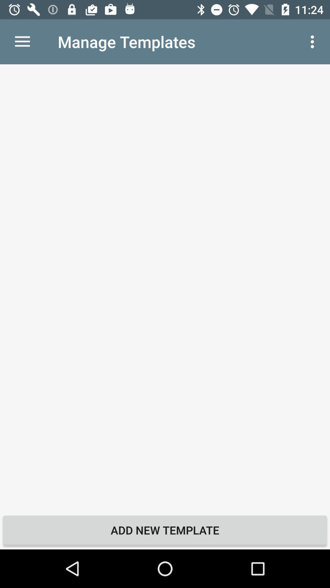  What do you see at coordinates (22, 41) in the screenshot?
I see `the item to the left of the manage templates item` at bounding box center [22, 41].